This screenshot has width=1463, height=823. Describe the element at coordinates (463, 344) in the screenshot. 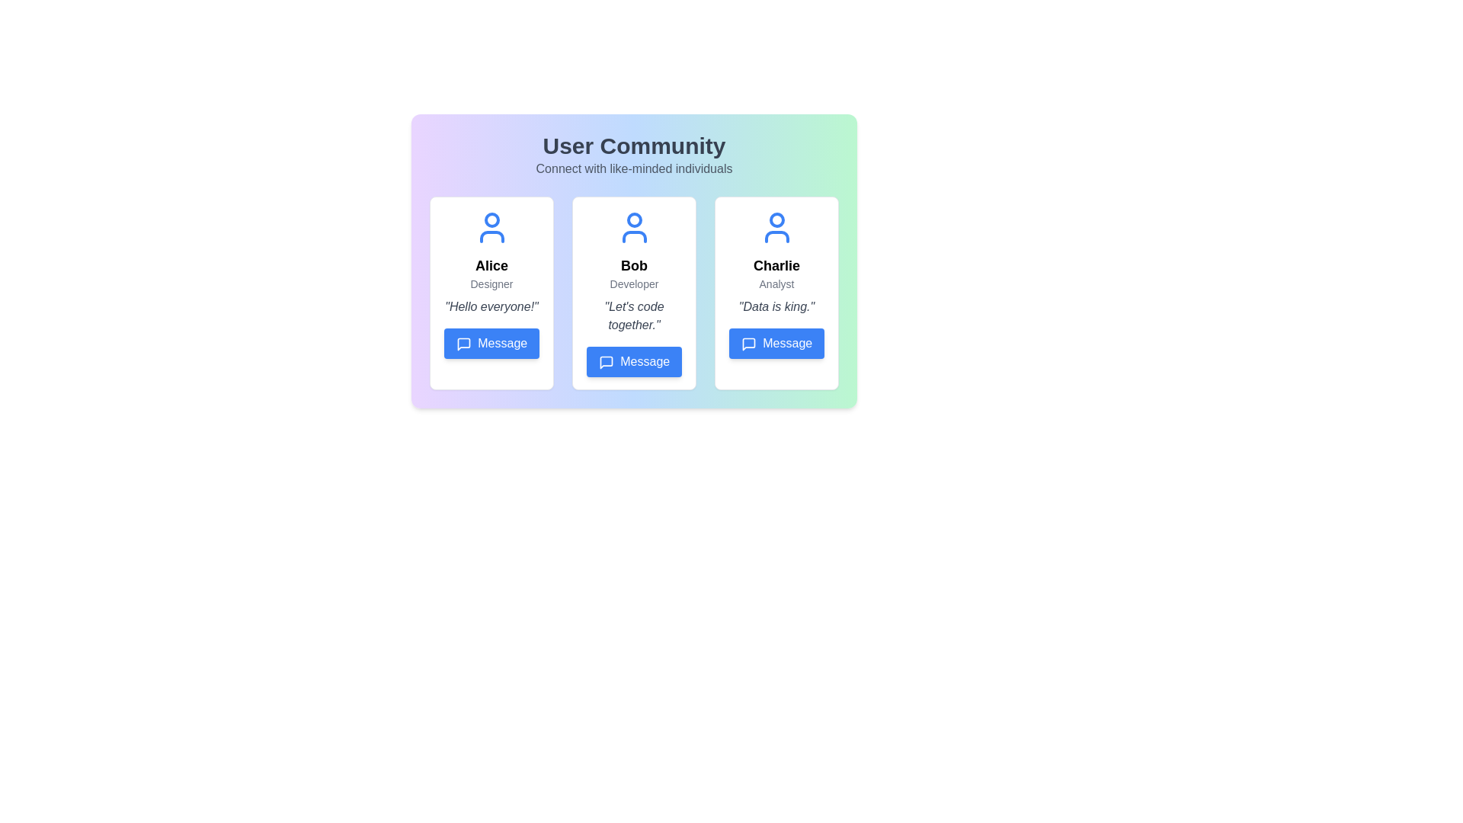

I see `the message icon located to the left of the 'Message' text in the button at the bottom of Alice's profile card` at that location.